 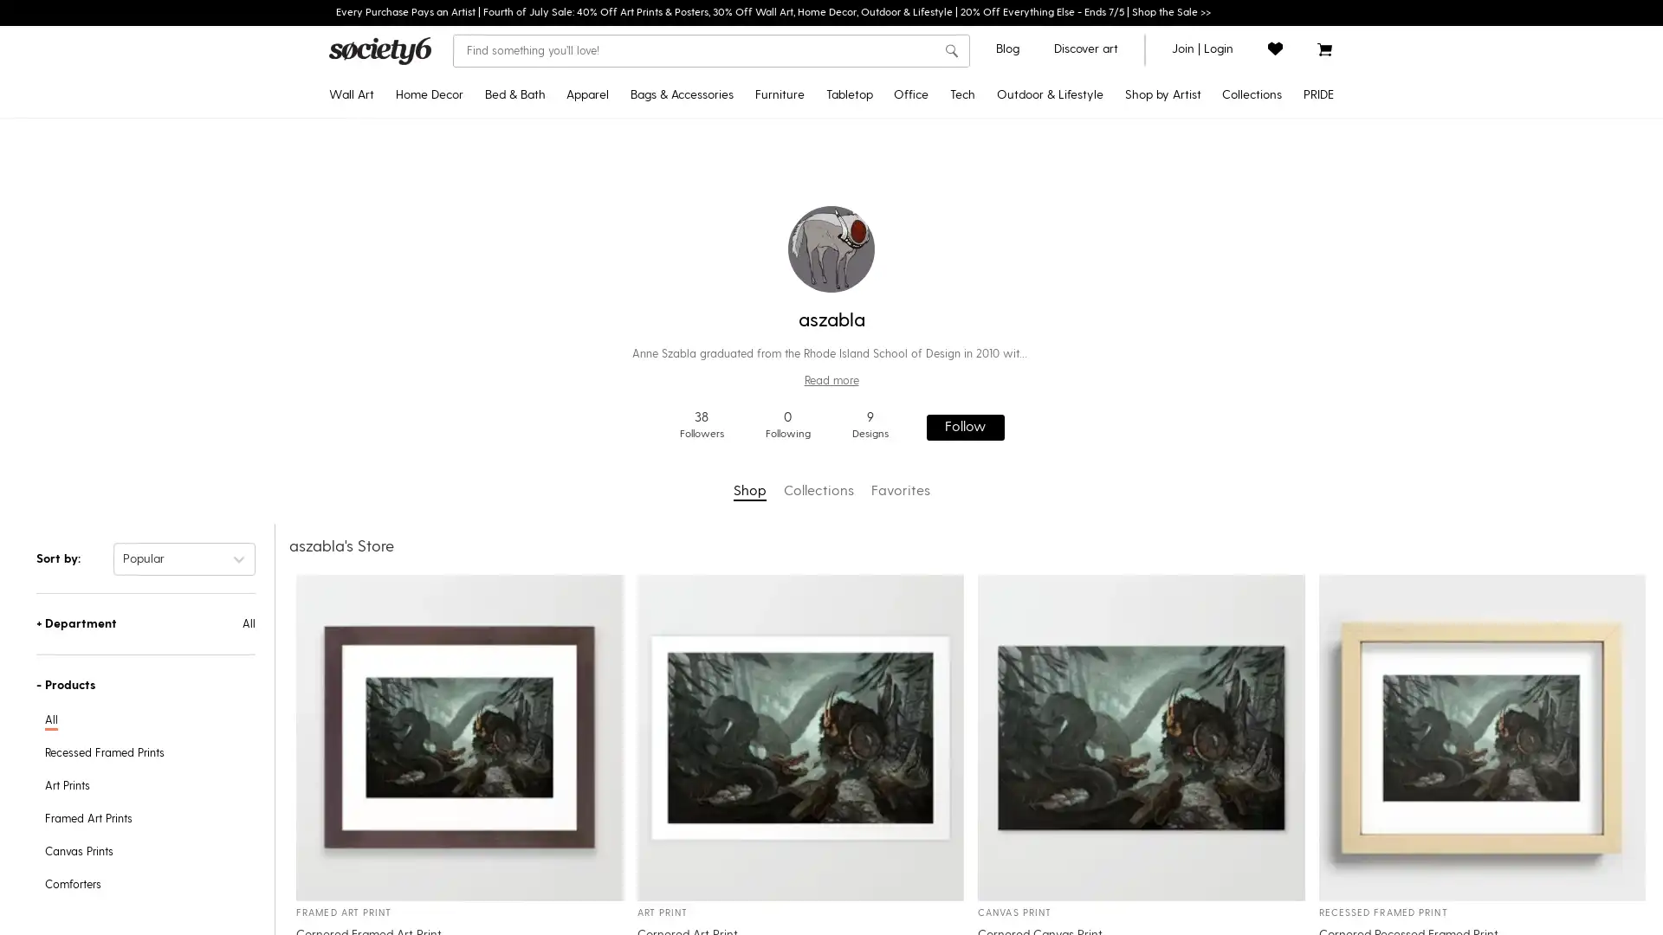 What do you see at coordinates (428, 95) in the screenshot?
I see `Home Decor` at bounding box center [428, 95].